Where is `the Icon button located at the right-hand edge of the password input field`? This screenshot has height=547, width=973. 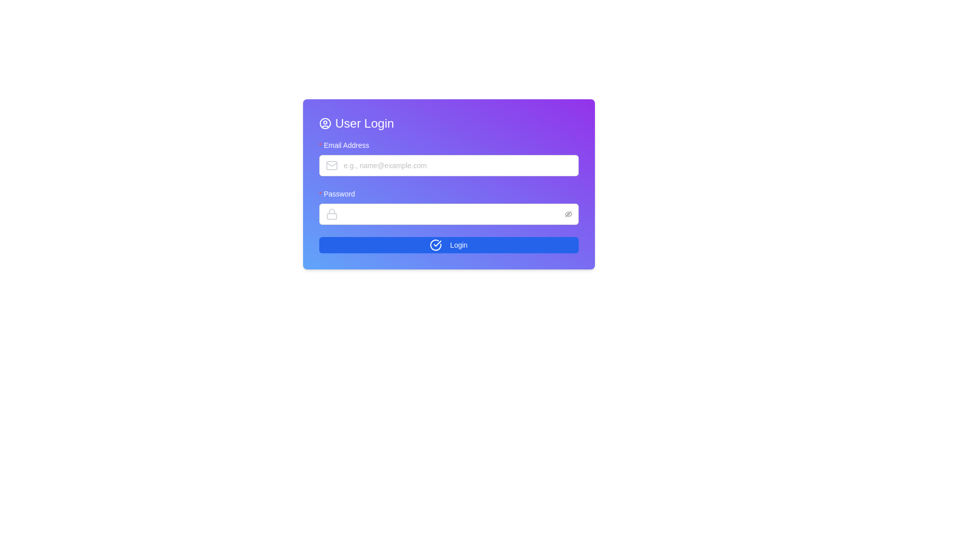
the Icon button located at the right-hand edge of the password input field is located at coordinates (568, 214).